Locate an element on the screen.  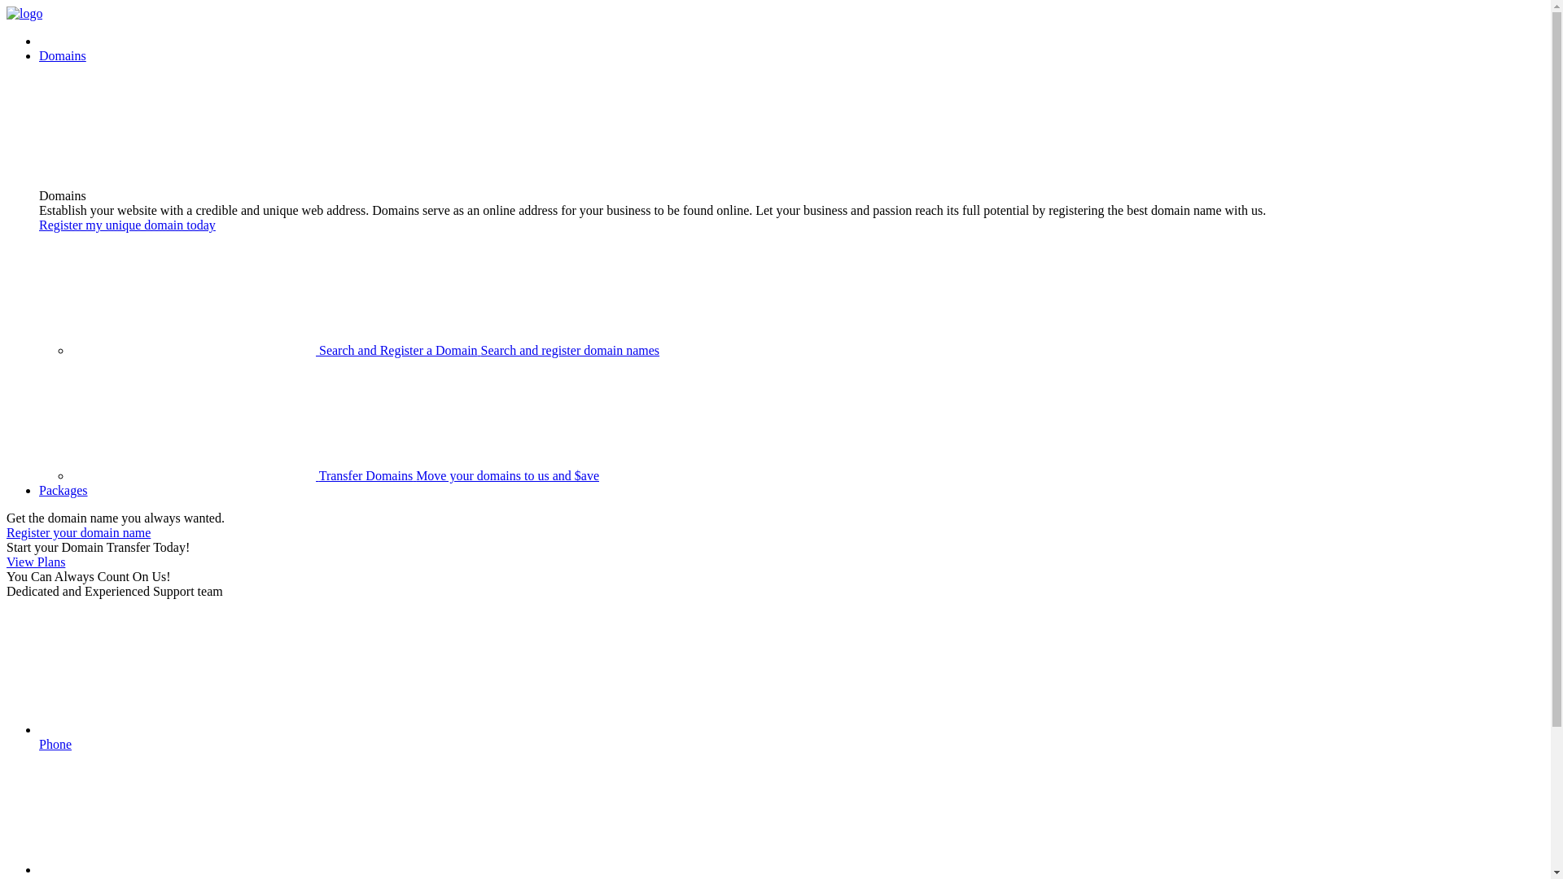
'Register your domain name' is located at coordinates (77, 532).